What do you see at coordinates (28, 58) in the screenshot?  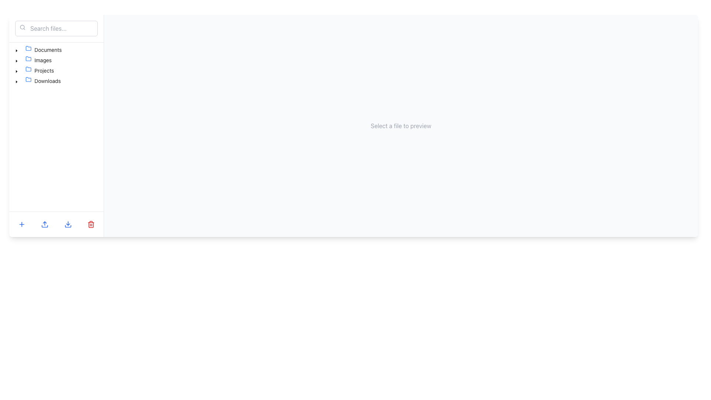 I see `the folder icon located in the left sidebar under the label 'Images'` at bounding box center [28, 58].